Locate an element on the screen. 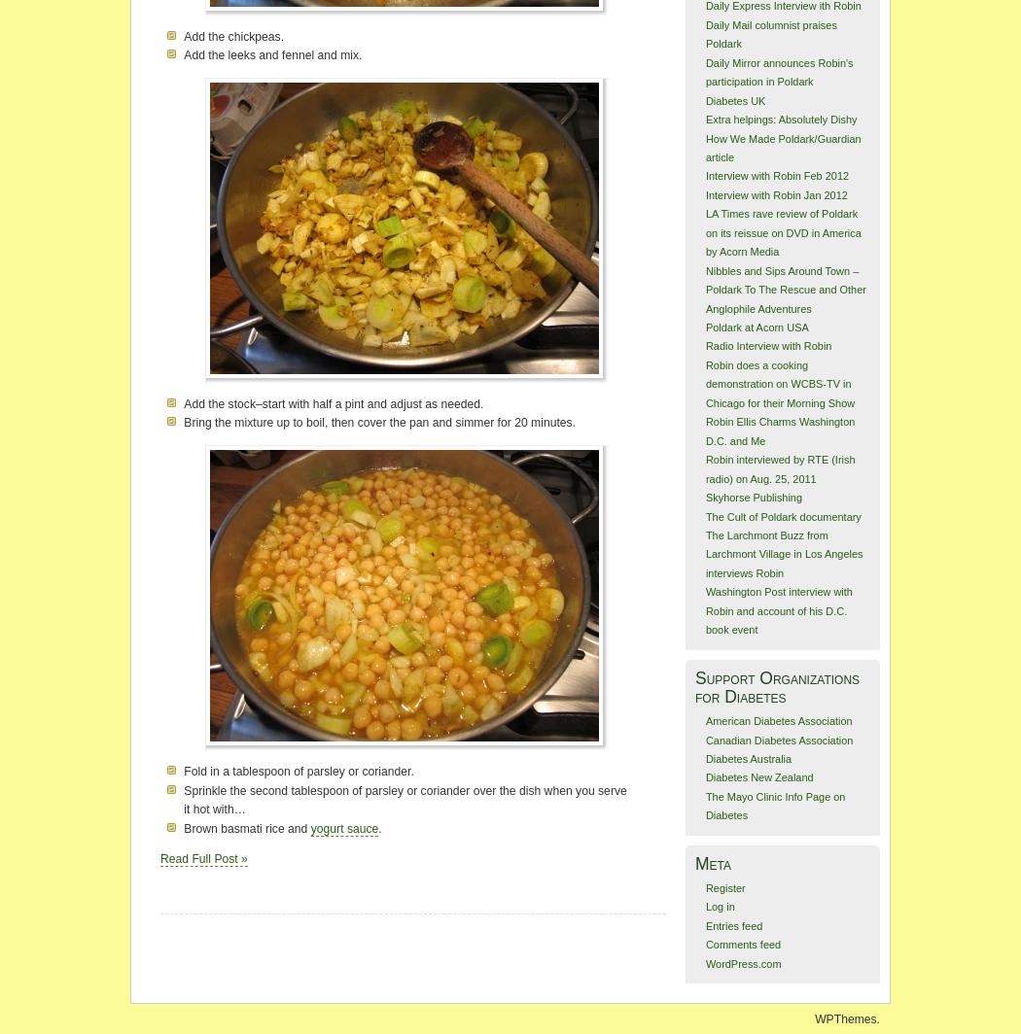 This screenshot has width=1021, height=1034. 'Extra helpings: Absolutely Dishy' is located at coordinates (780, 119).